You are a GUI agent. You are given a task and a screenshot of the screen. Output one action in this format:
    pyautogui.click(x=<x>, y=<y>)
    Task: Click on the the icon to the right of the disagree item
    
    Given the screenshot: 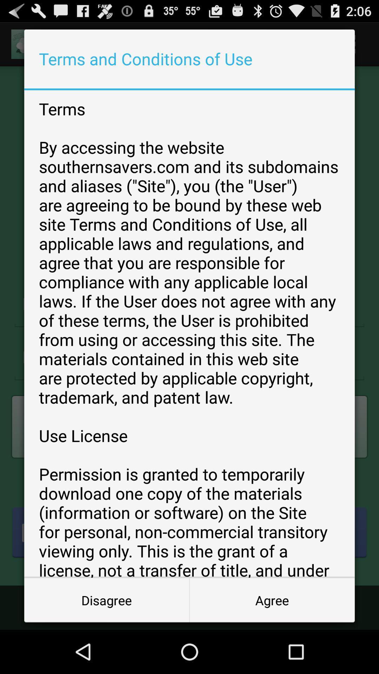 What is the action you would take?
    pyautogui.click(x=272, y=600)
    